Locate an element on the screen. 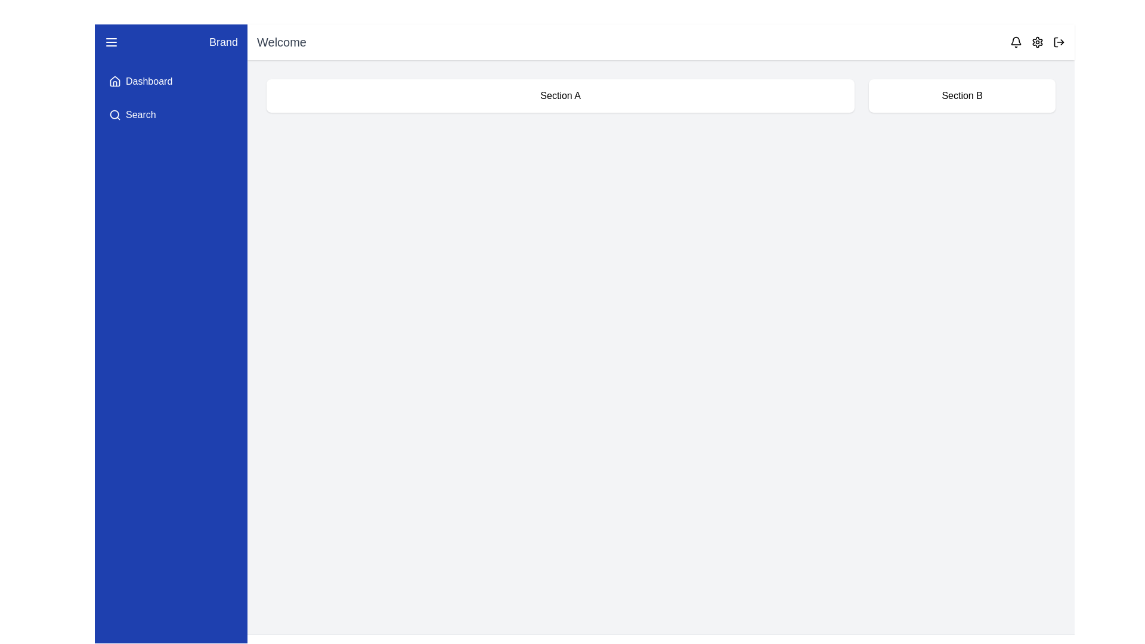 The image size is (1145, 644). the magnifying glass icon in the vertical navigation menu labeled 'Search' located below the 'Dashboard' menu item is located at coordinates (114, 114).